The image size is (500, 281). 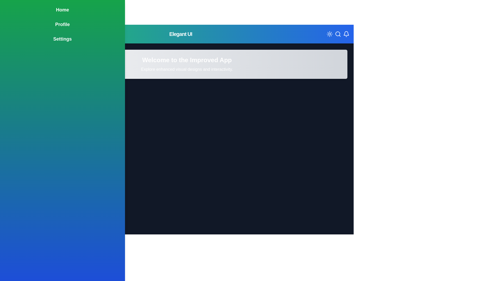 I want to click on the menu item labeled Profile, so click(x=63, y=24).